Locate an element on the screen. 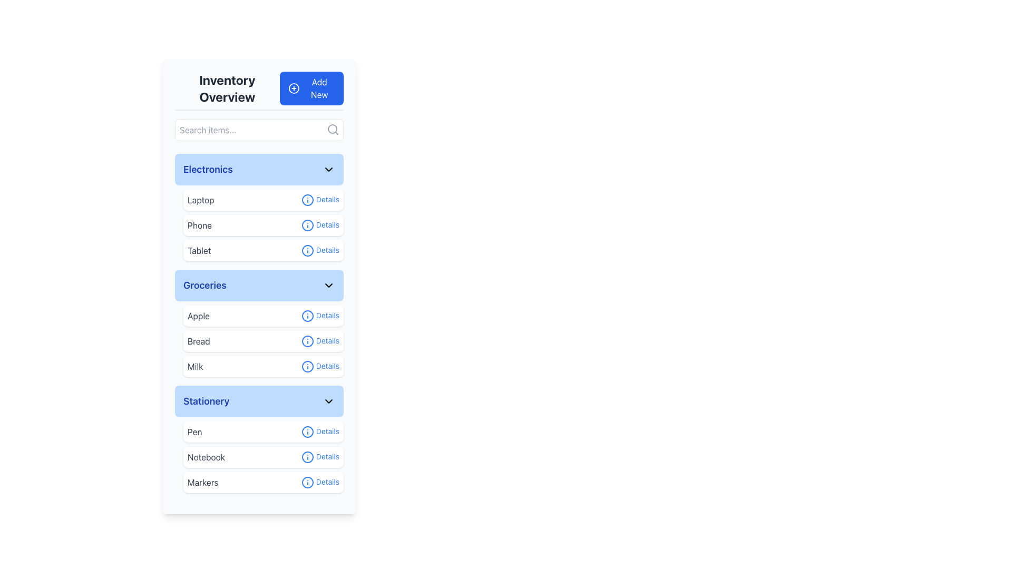  the circular blue information icon with an 'i' symbol, located to the left of the text 'Details' for the 'Tablet' entry in the 'Electronics' section is located at coordinates (307, 250).